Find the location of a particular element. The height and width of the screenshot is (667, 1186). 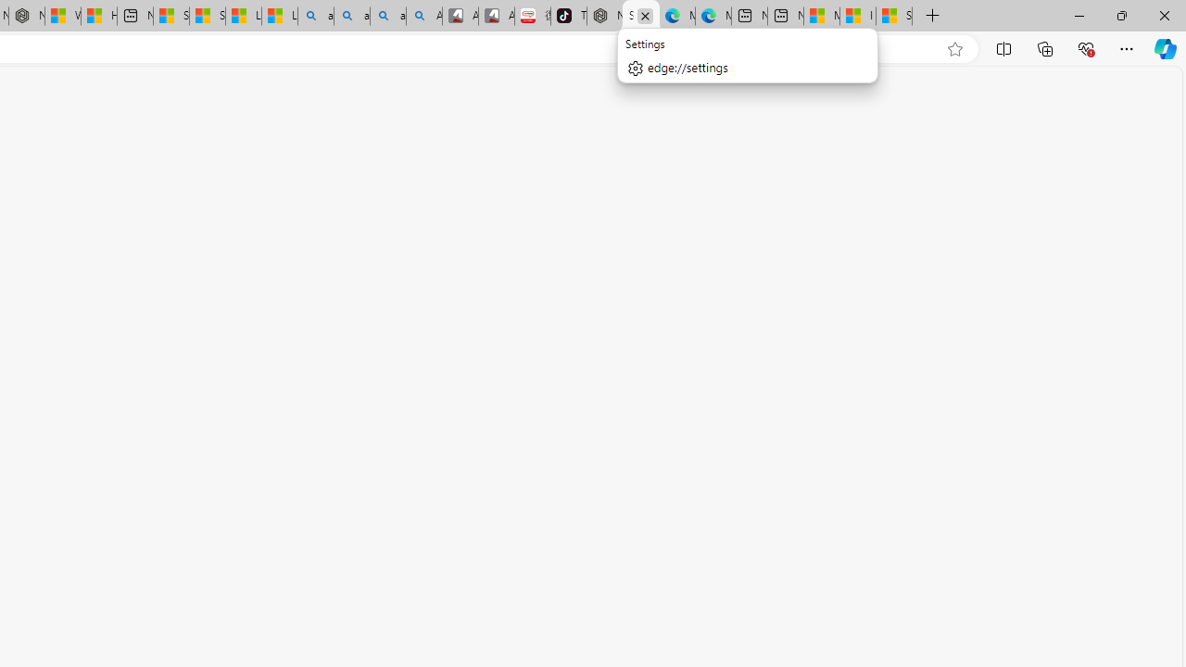

'Amazon Echo Robot - Search Images' is located at coordinates (423, 16).